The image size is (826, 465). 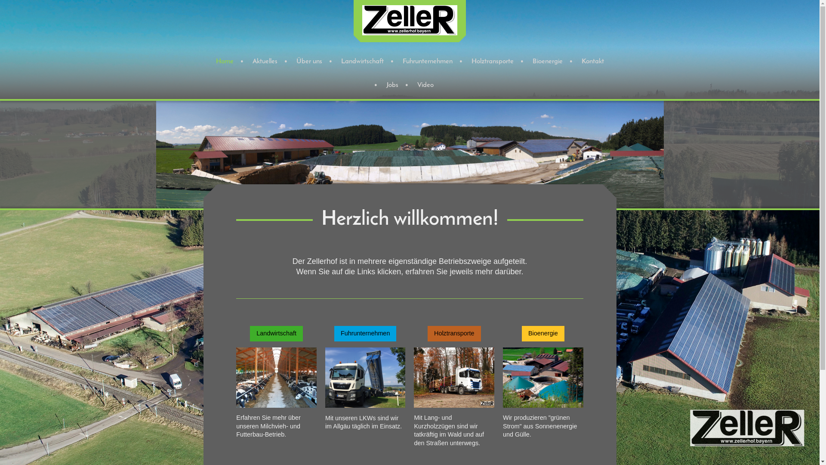 I want to click on 'Fuhrunternehmen', so click(x=427, y=61).